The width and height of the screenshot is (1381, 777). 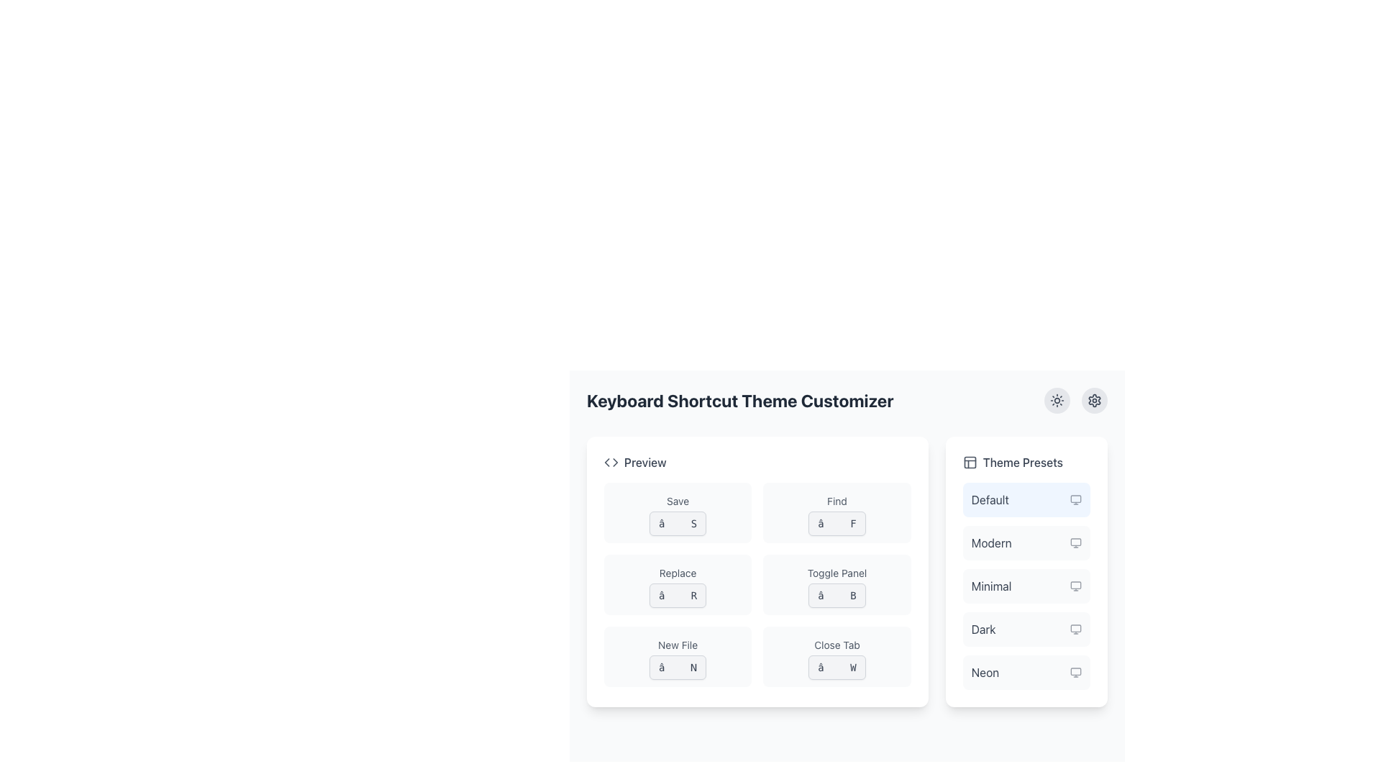 What do you see at coordinates (990, 543) in the screenshot?
I see `text of the label displaying 'modern', which is the second item in the vertical list of theme options under the 'Theme Presets' heading` at bounding box center [990, 543].